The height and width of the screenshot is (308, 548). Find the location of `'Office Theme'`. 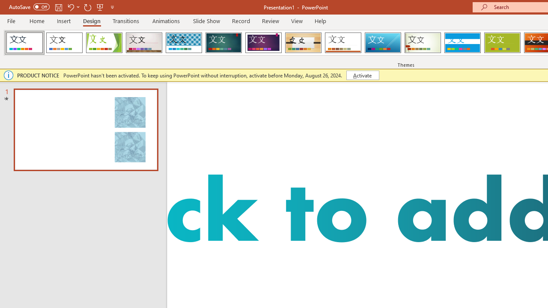

'Office Theme' is located at coordinates (64, 43).